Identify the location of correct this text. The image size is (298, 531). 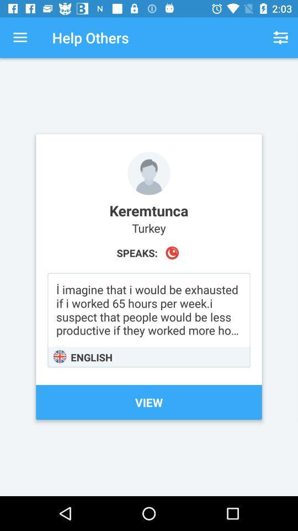
(149, 320).